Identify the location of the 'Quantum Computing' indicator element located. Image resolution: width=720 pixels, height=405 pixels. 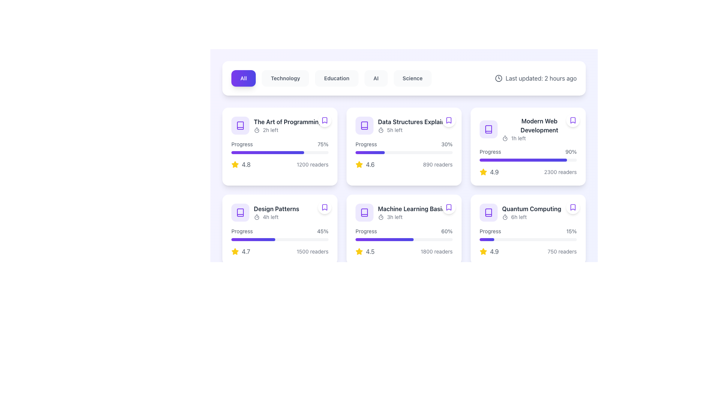
(531, 213).